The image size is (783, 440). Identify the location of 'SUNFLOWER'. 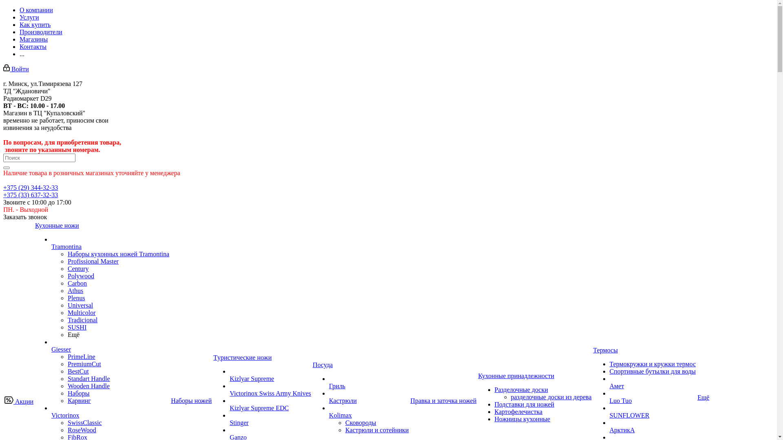
(629, 415).